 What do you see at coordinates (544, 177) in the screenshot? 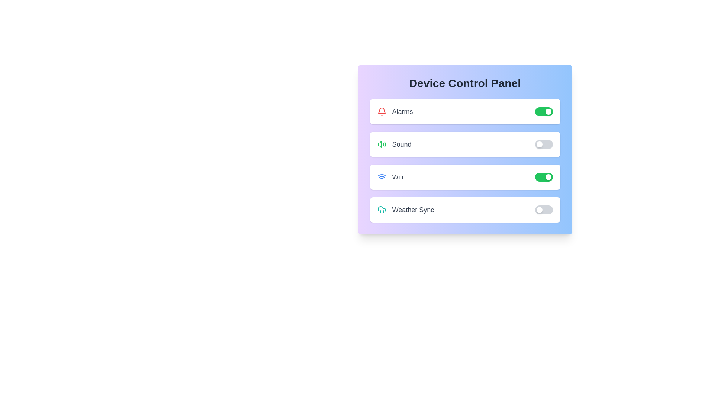
I see `the WiFi toggle switch to change its state` at bounding box center [544, 177].